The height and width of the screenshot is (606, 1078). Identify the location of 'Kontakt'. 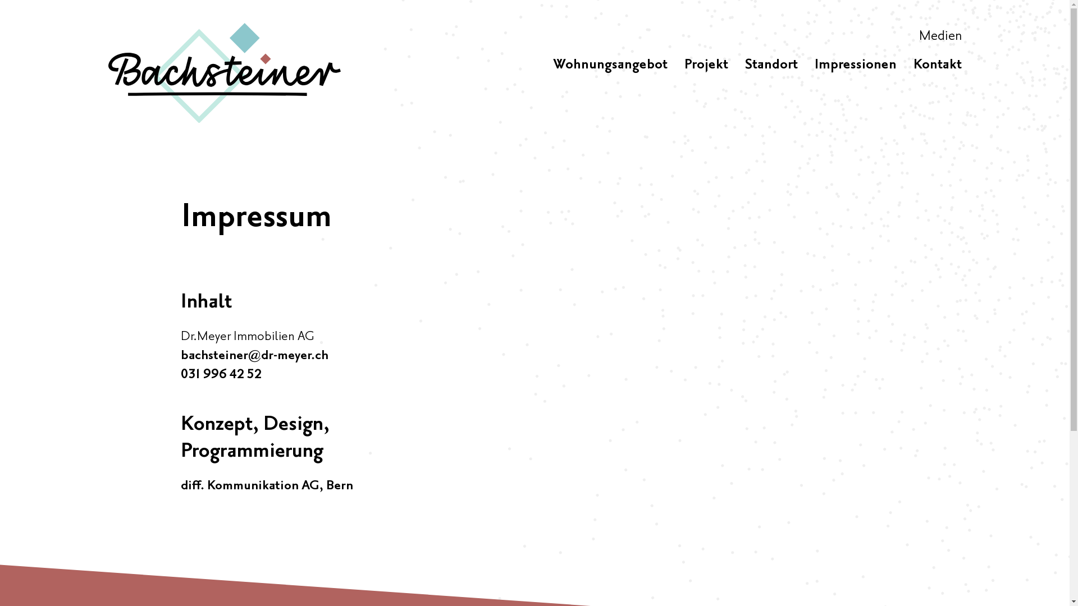
(937, 65).